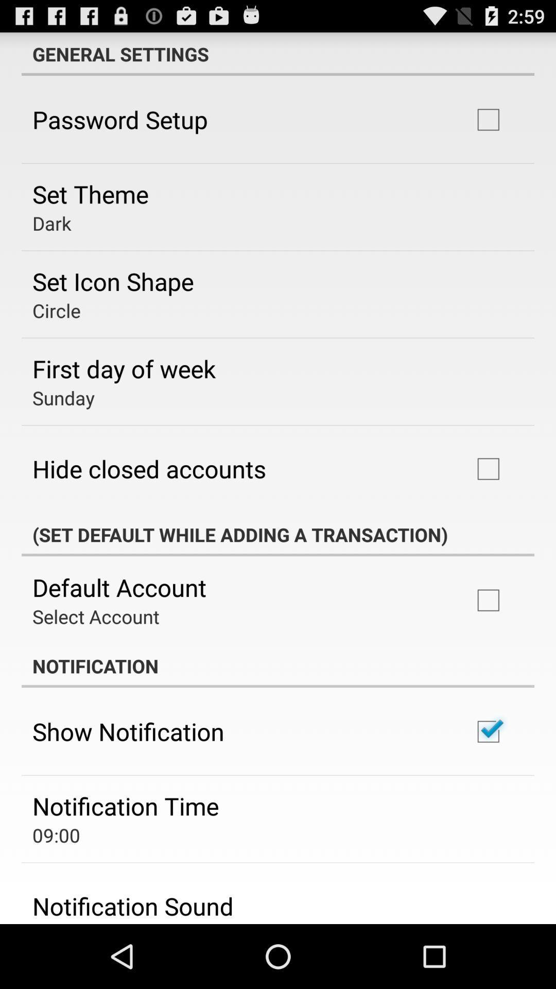 Image resolution: width=556 pixels, height=989 pixels. What do you see at coordinates (96, 616) in the screenshot?
I see `the icon above the notification app` at bounding box center [96, 616].